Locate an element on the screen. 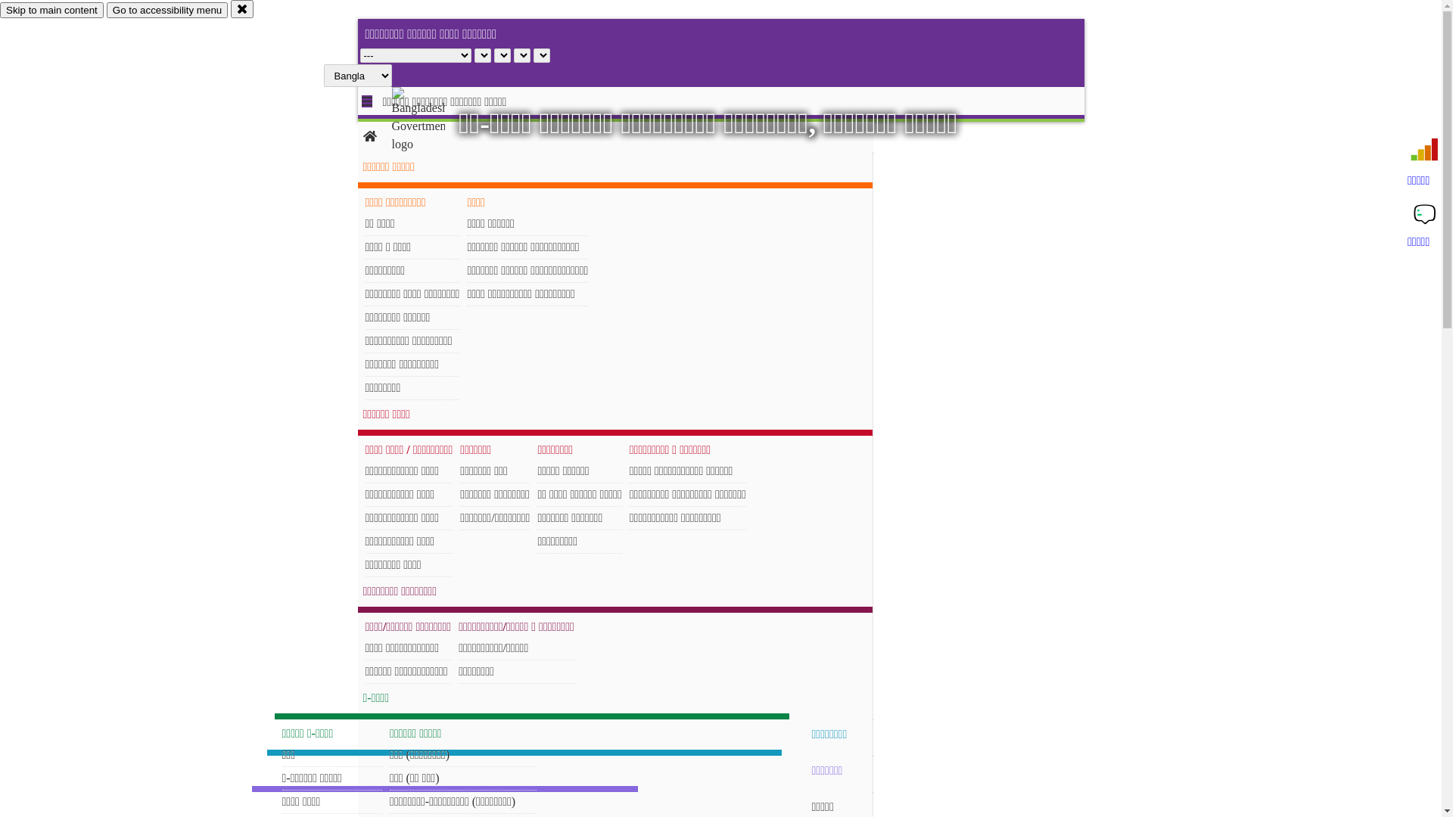  ' is located at coordinates (431, 119).